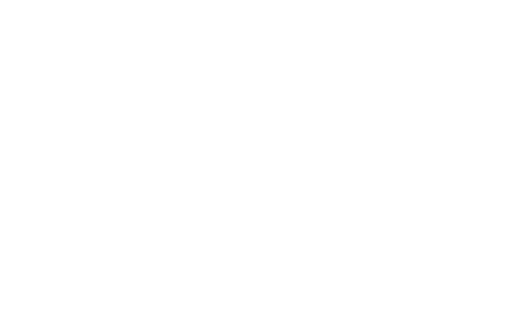 The width and height of the screenshot is (523, 327). Describe the element at coordinates (410, 70) in the screenshot. I see `'May 1969'` at that location.